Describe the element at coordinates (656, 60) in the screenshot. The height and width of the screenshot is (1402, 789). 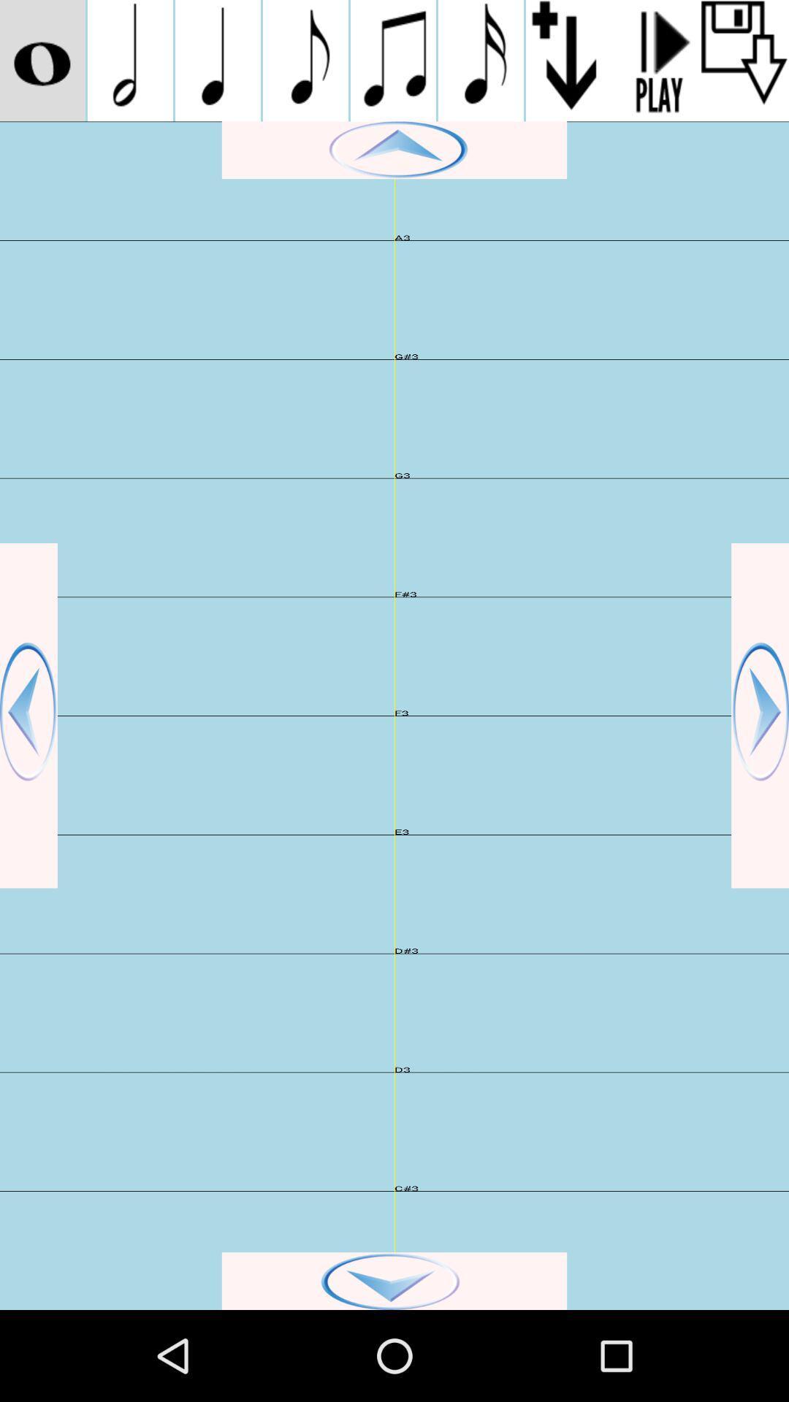
I see `play` at that location.